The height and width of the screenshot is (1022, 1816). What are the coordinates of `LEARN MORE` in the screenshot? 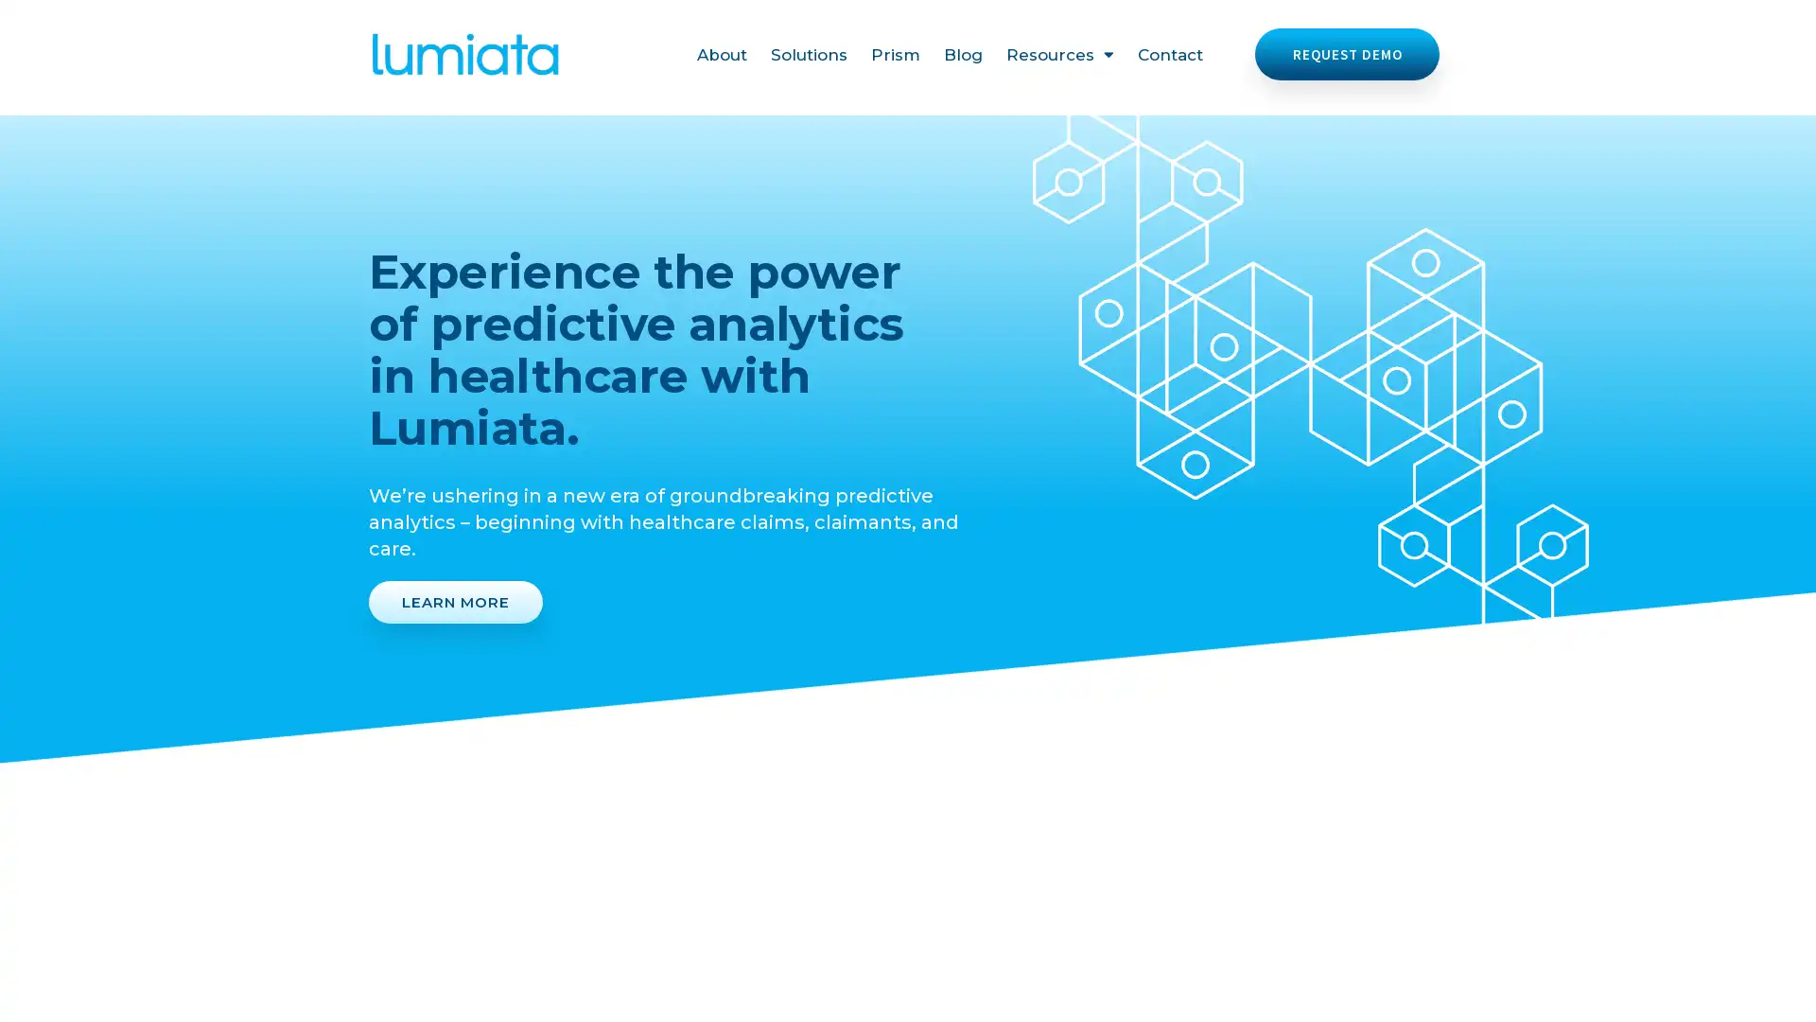 It's located at (455, 602).